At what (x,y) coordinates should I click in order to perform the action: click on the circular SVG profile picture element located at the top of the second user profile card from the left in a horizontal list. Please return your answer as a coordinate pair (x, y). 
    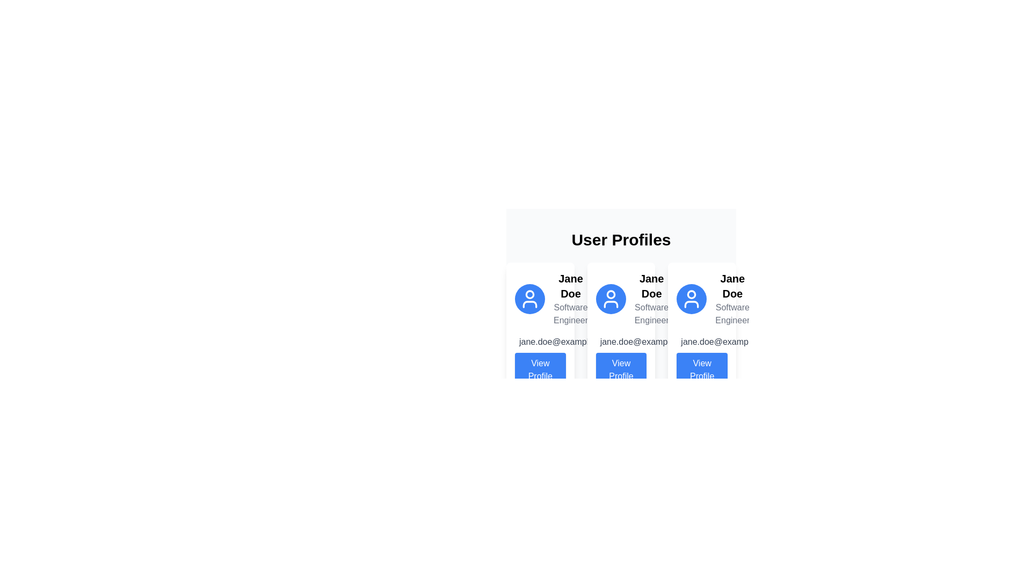
    Looking at the image, I should click on (611, 294).